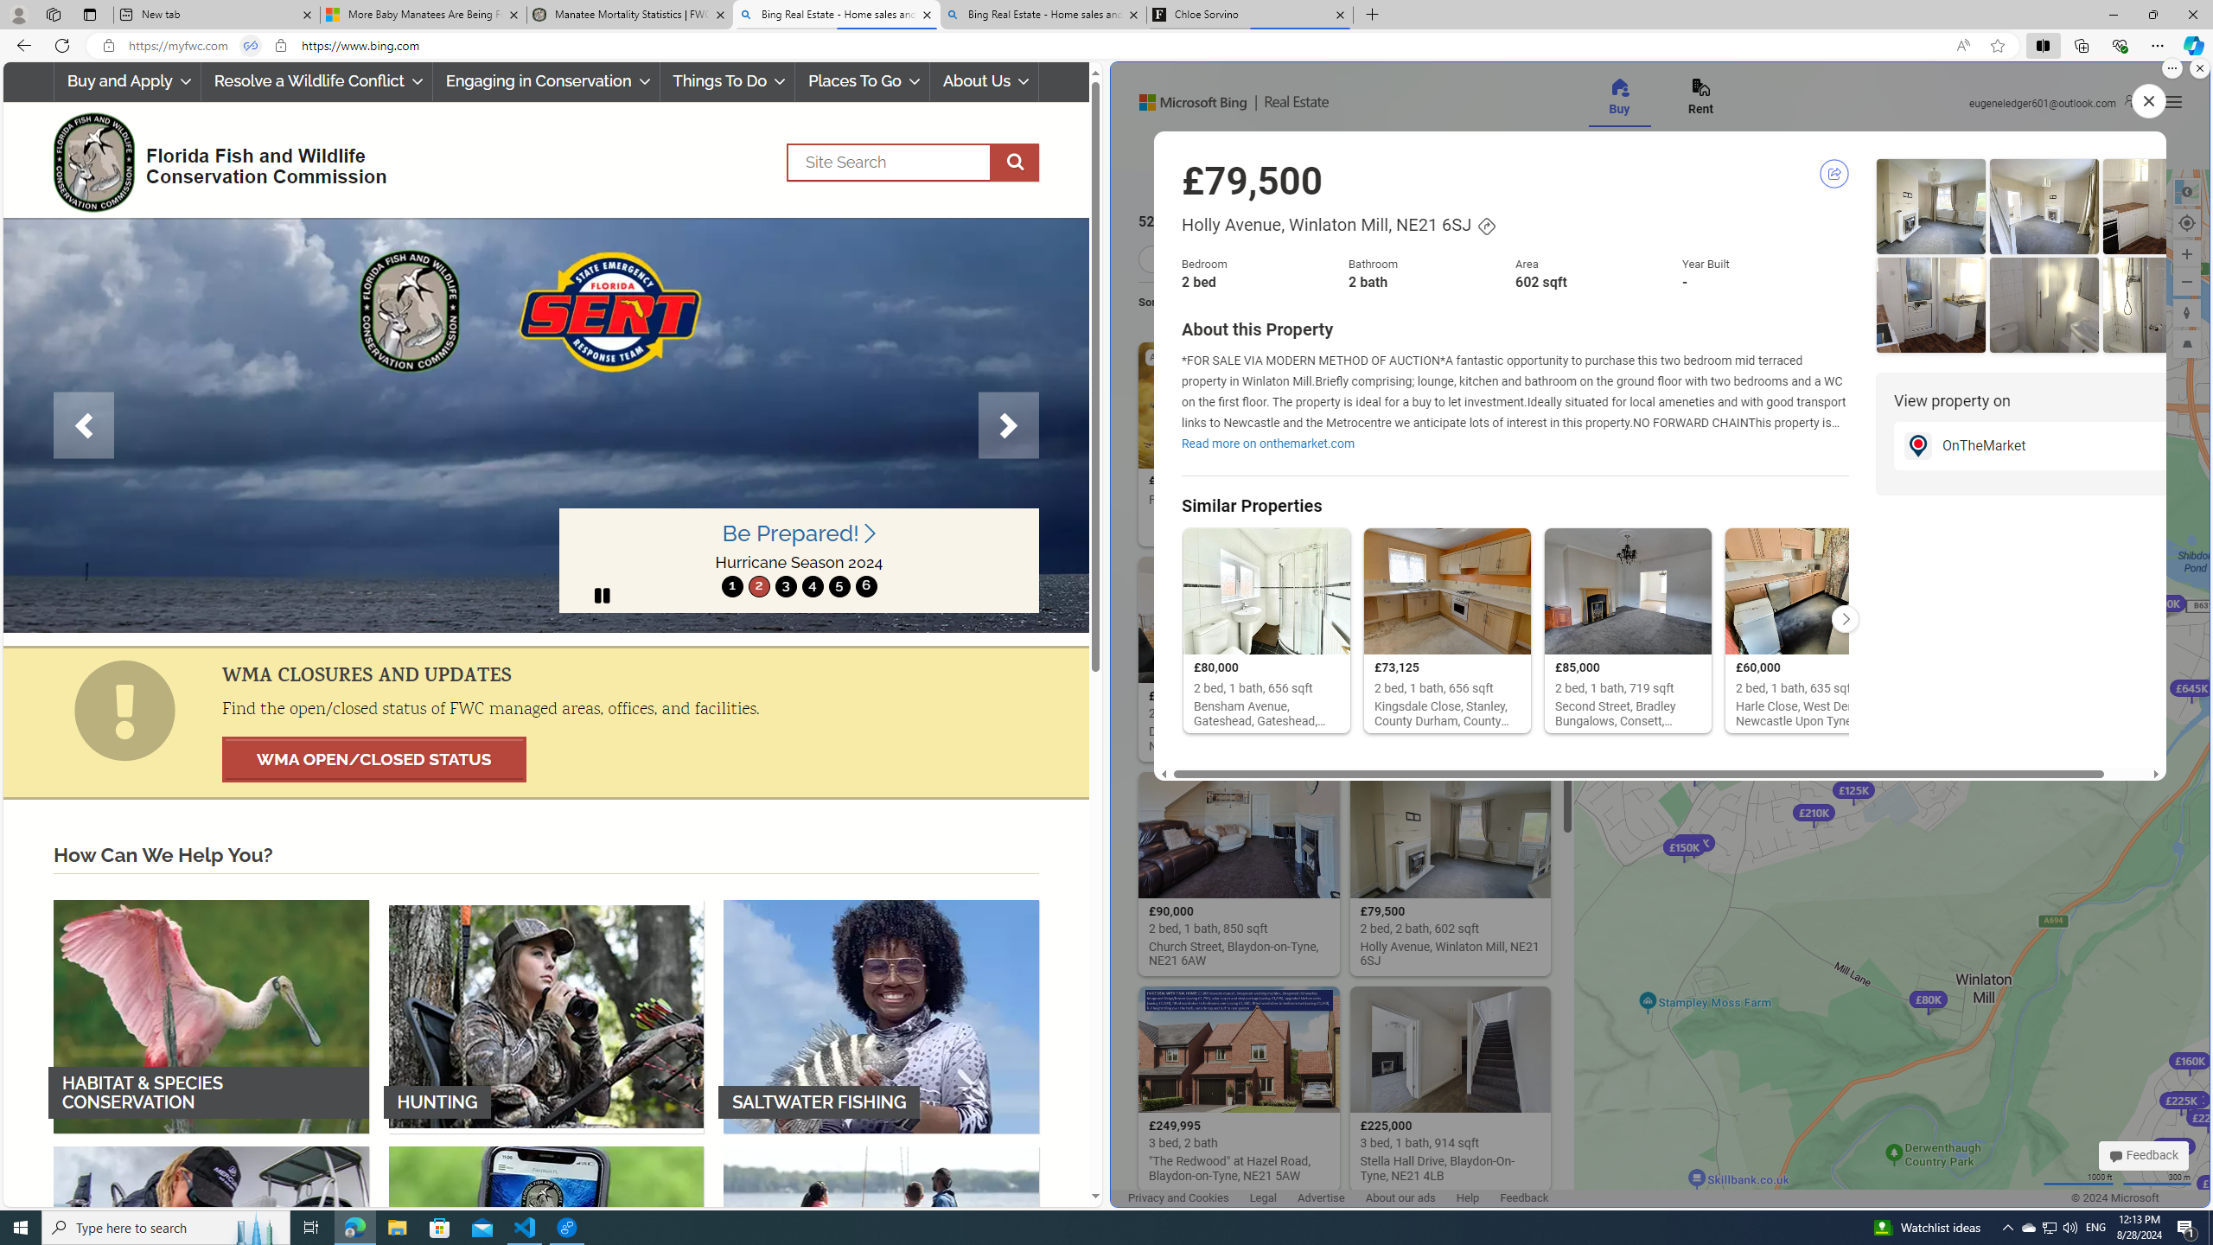 This screenshot has width=2213, height=1245. I want to click on 'HABITAT & SPECIES CONSERVATION', so click(211, 1016).